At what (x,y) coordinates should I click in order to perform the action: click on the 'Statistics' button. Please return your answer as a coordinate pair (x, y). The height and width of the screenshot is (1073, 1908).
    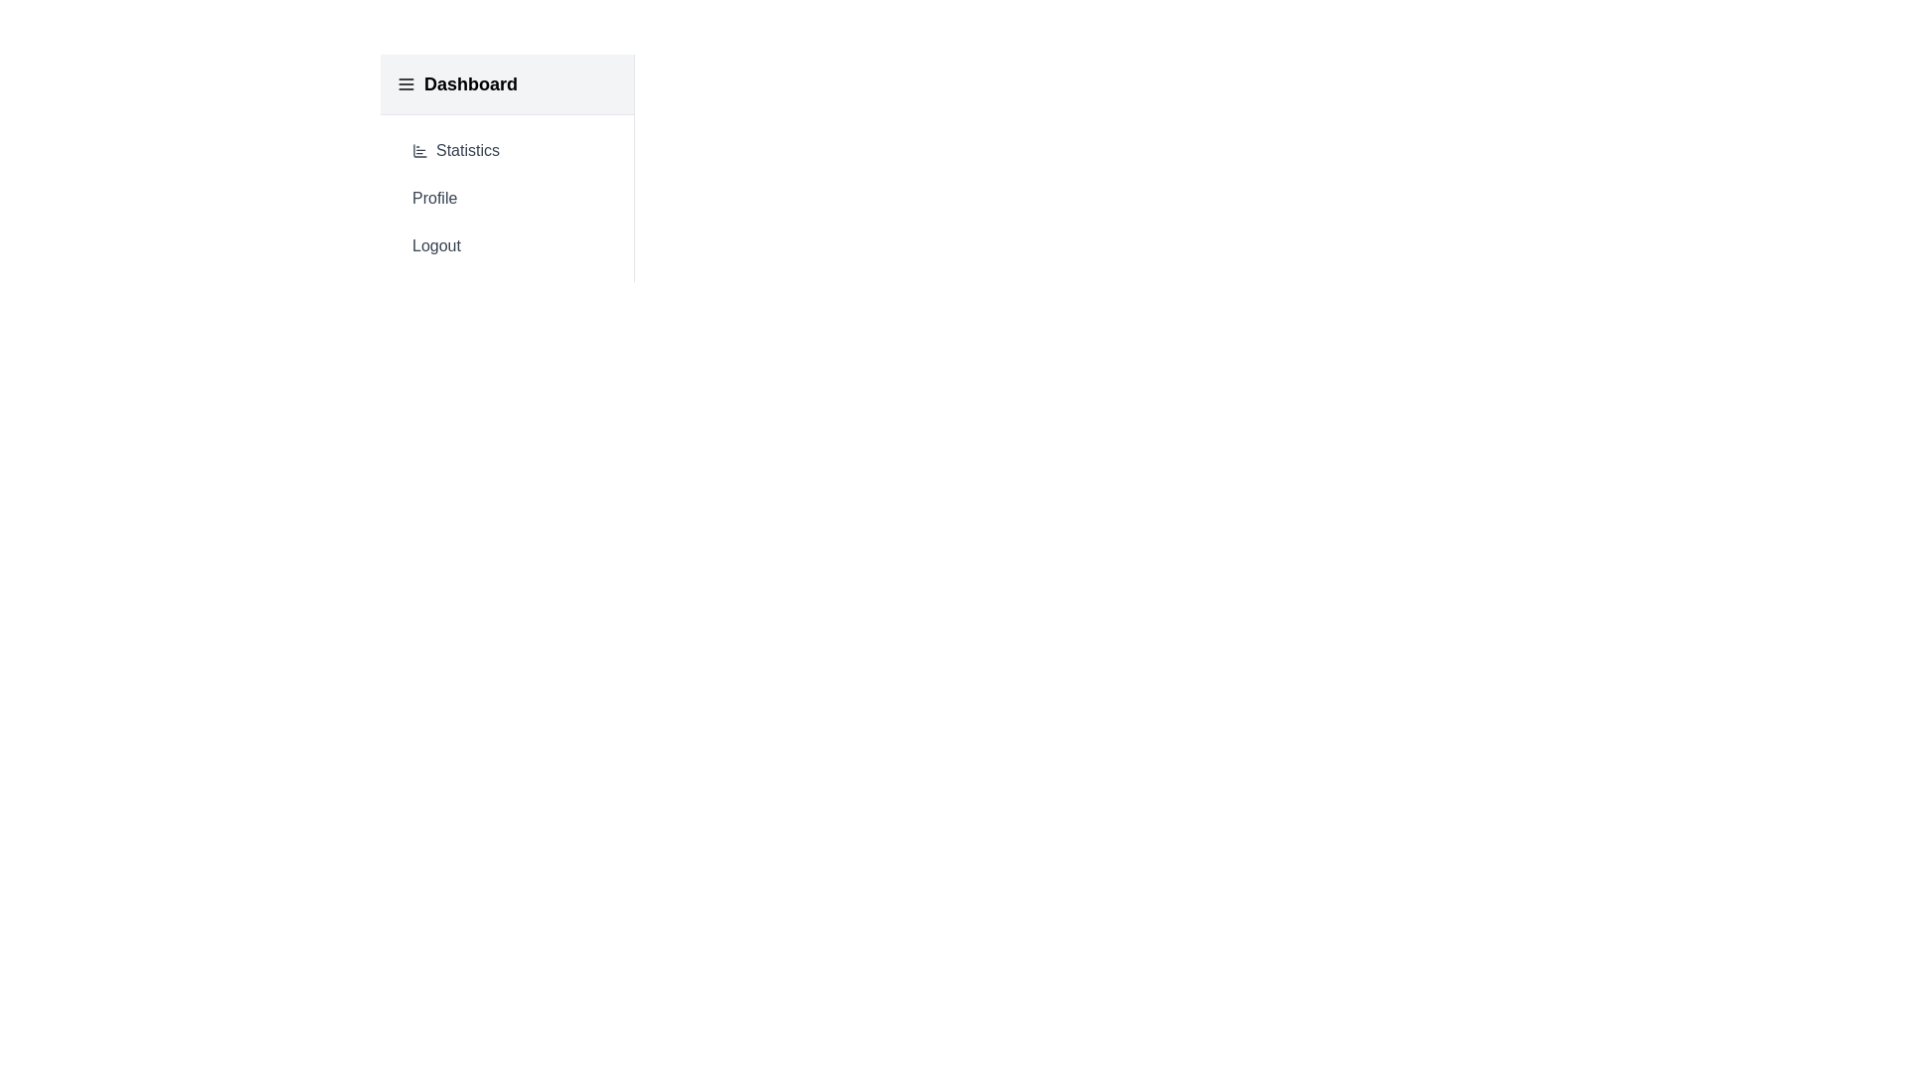
    Looking at the image, I should click on (507, 149).